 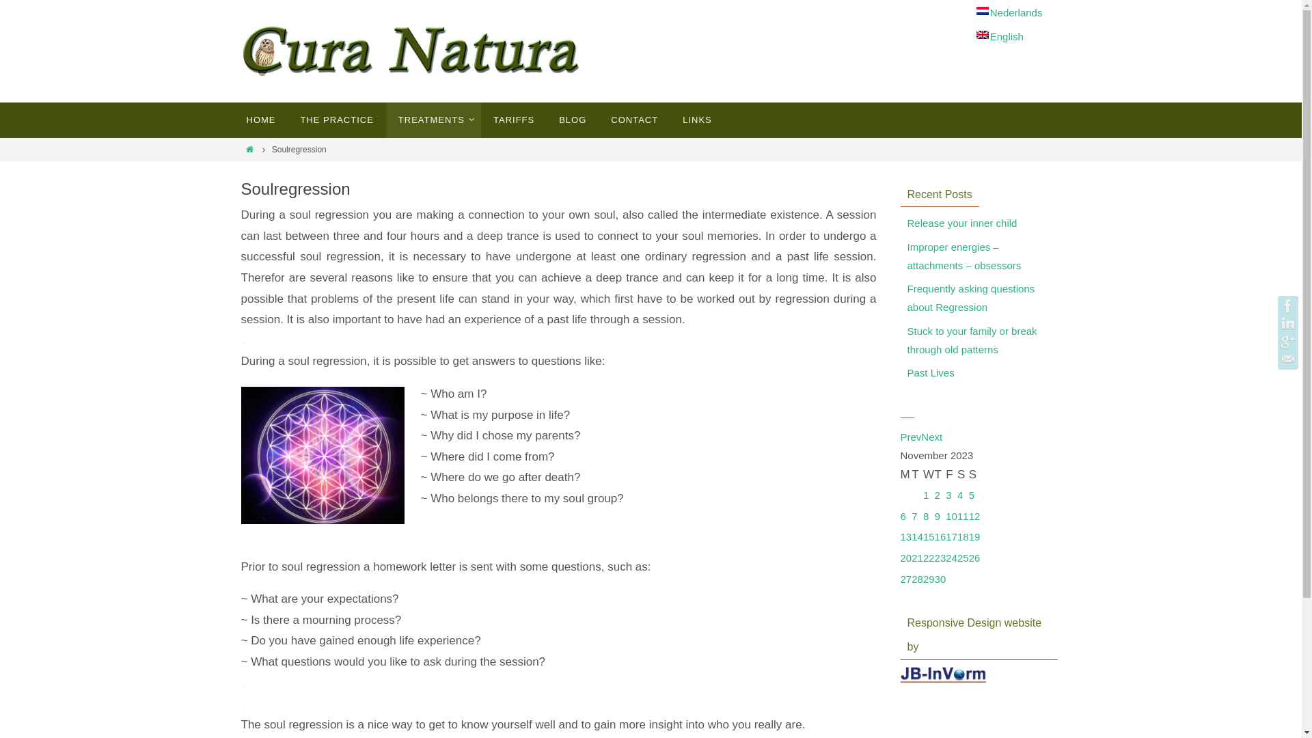 I want to click on '11', so click(x=957, y=517).